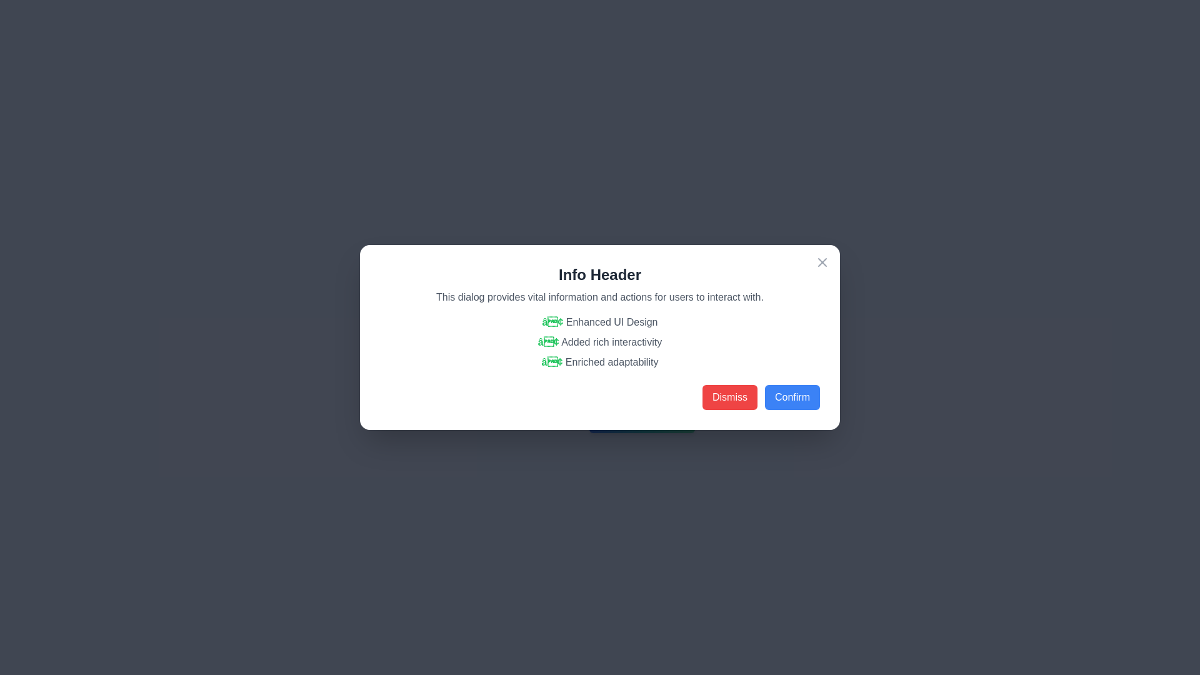 Image resolution: width=1200 pixels, height=675 pixels. What do you see at coordinates (822, 262) in the screenshot?
I see `the close button located in the top-right corner of the 'Info Header' dialog box to change its color` at bounding box center [822, 262].